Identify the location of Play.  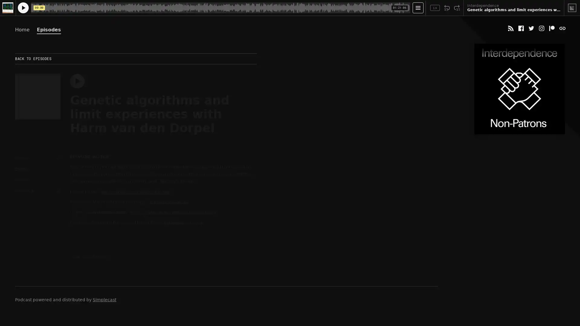
(23, 8).